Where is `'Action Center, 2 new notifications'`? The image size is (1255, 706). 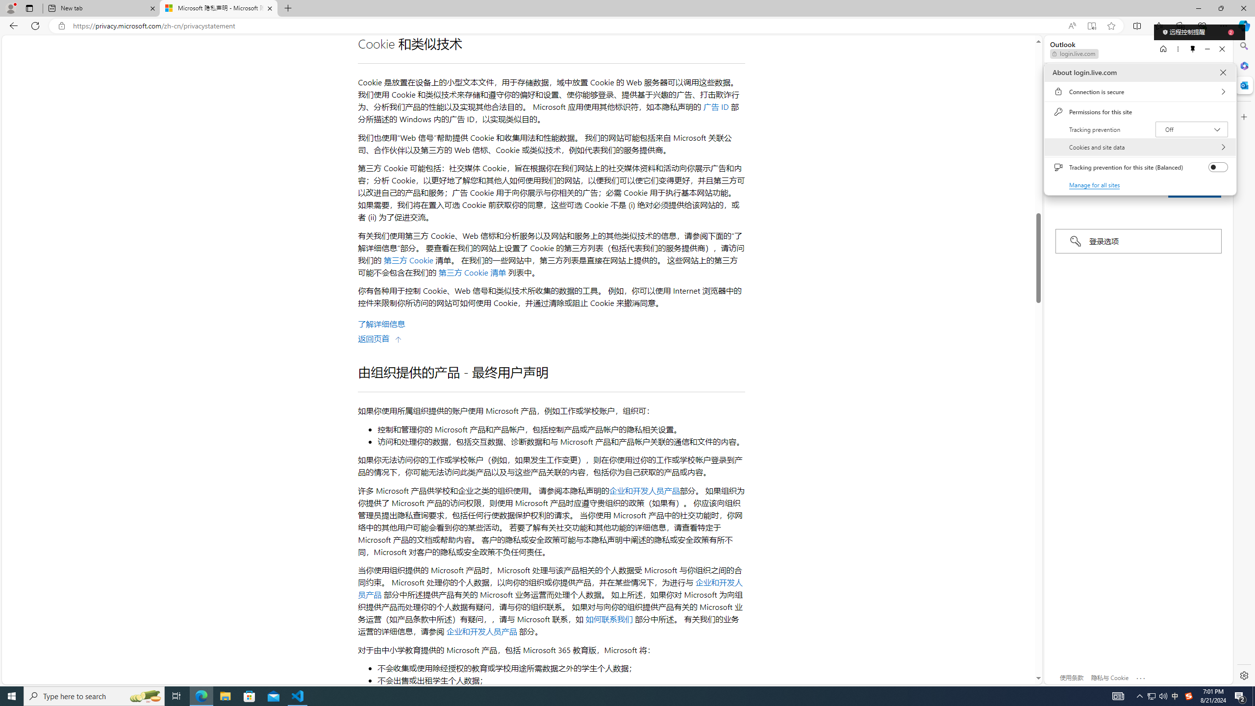 'Action Center, 2 new notifications' is located at coordinates (1240, 695).